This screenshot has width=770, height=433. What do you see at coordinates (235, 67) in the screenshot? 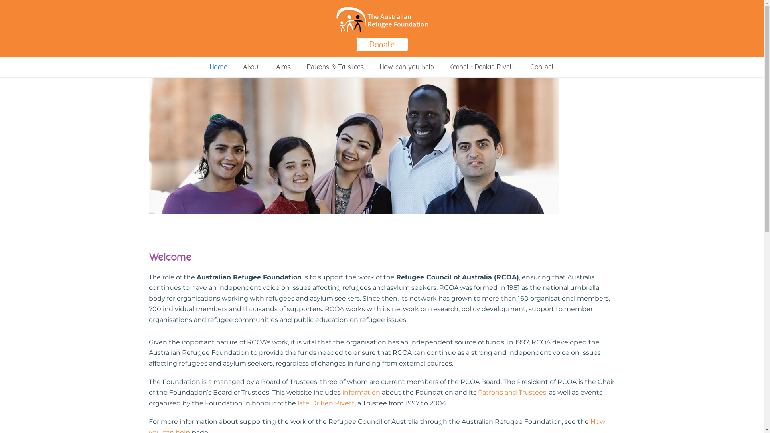
I see `'About'` at bounding box center [235, 67].